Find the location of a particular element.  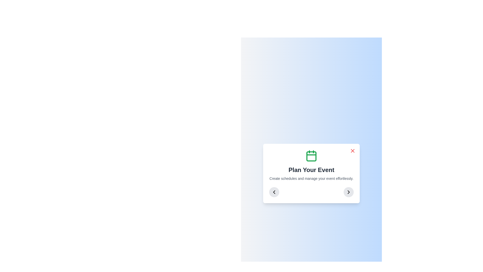

the navigation button located at the bottom-right corner of the 'Plan Your Event' dialog box to proceed to the next step is located at coordinates (348, 192).